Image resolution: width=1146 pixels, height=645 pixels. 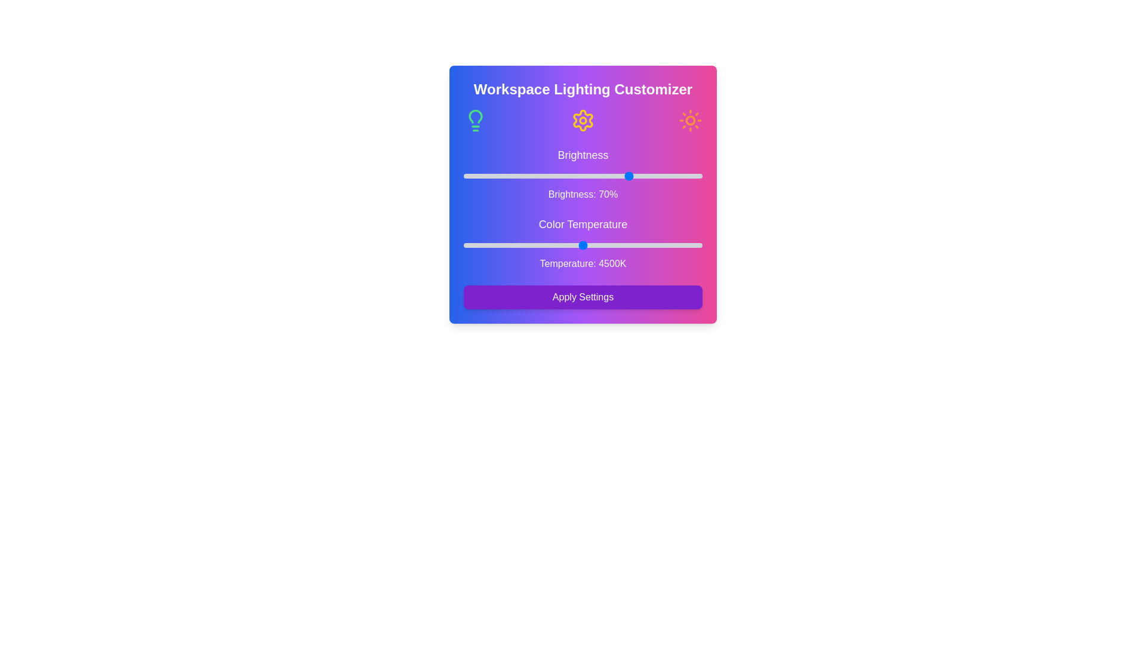 I want to click on the color temperature slider to 3615 K, so click(x=529, y=245).